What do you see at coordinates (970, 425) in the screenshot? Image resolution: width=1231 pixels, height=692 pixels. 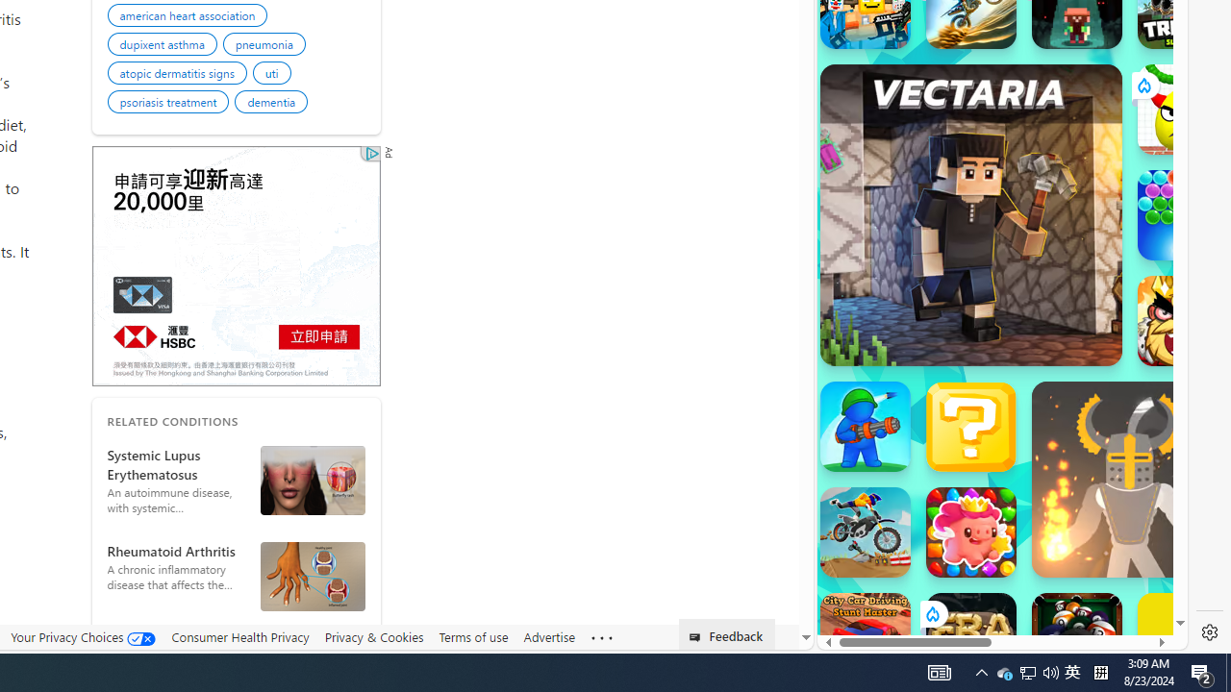 I see `'Mystery Tile'` at bounding box center [970, 425].